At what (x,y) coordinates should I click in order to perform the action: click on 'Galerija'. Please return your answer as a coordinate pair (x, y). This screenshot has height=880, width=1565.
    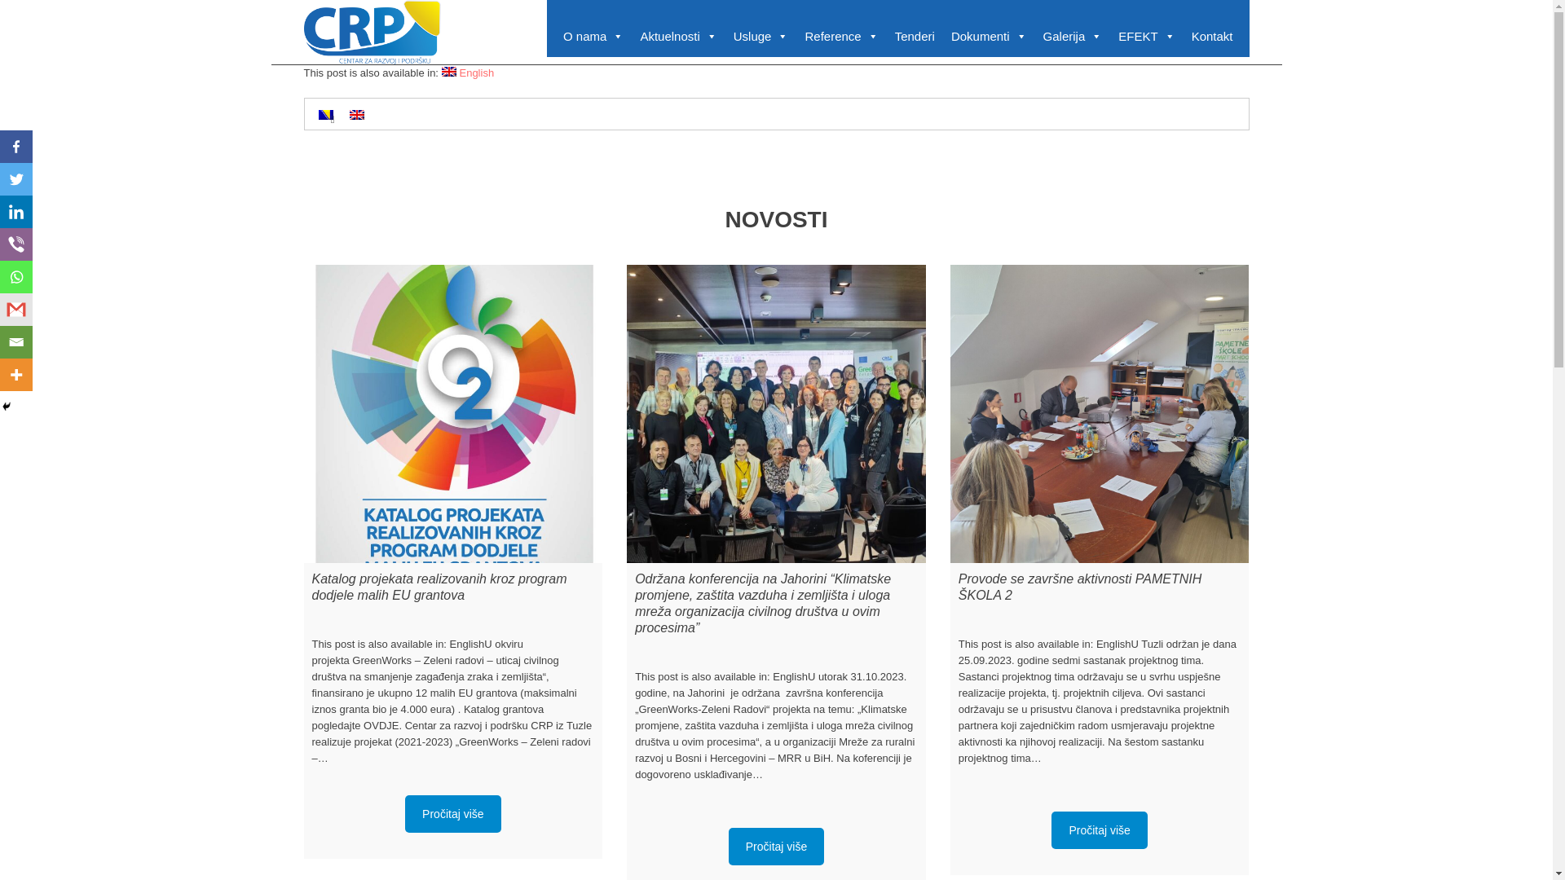
    Looking at the image, I should click on (1034, 37).